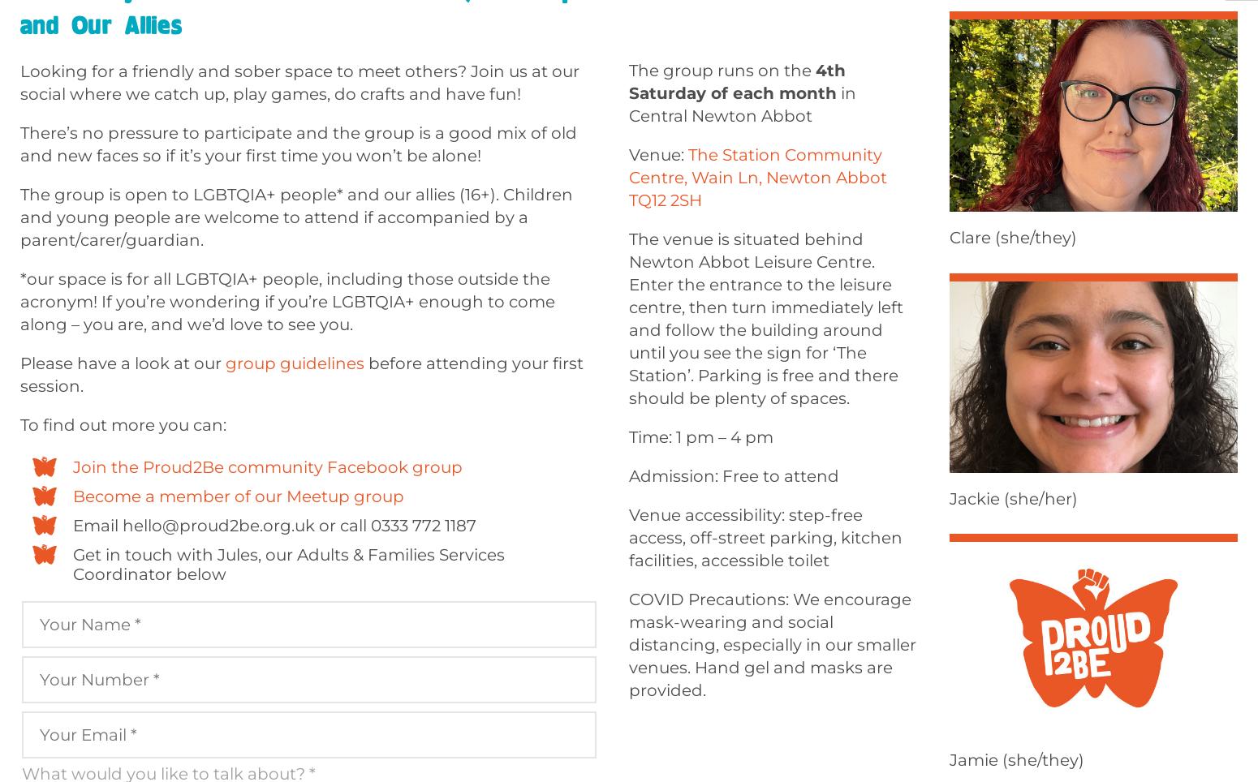  What do you see at coordinates (73, 565) in the screenshot?
I see `'Get in touch with Jules, our Adults & Families Services Coordinator below'` at bounding box center [73, 565].